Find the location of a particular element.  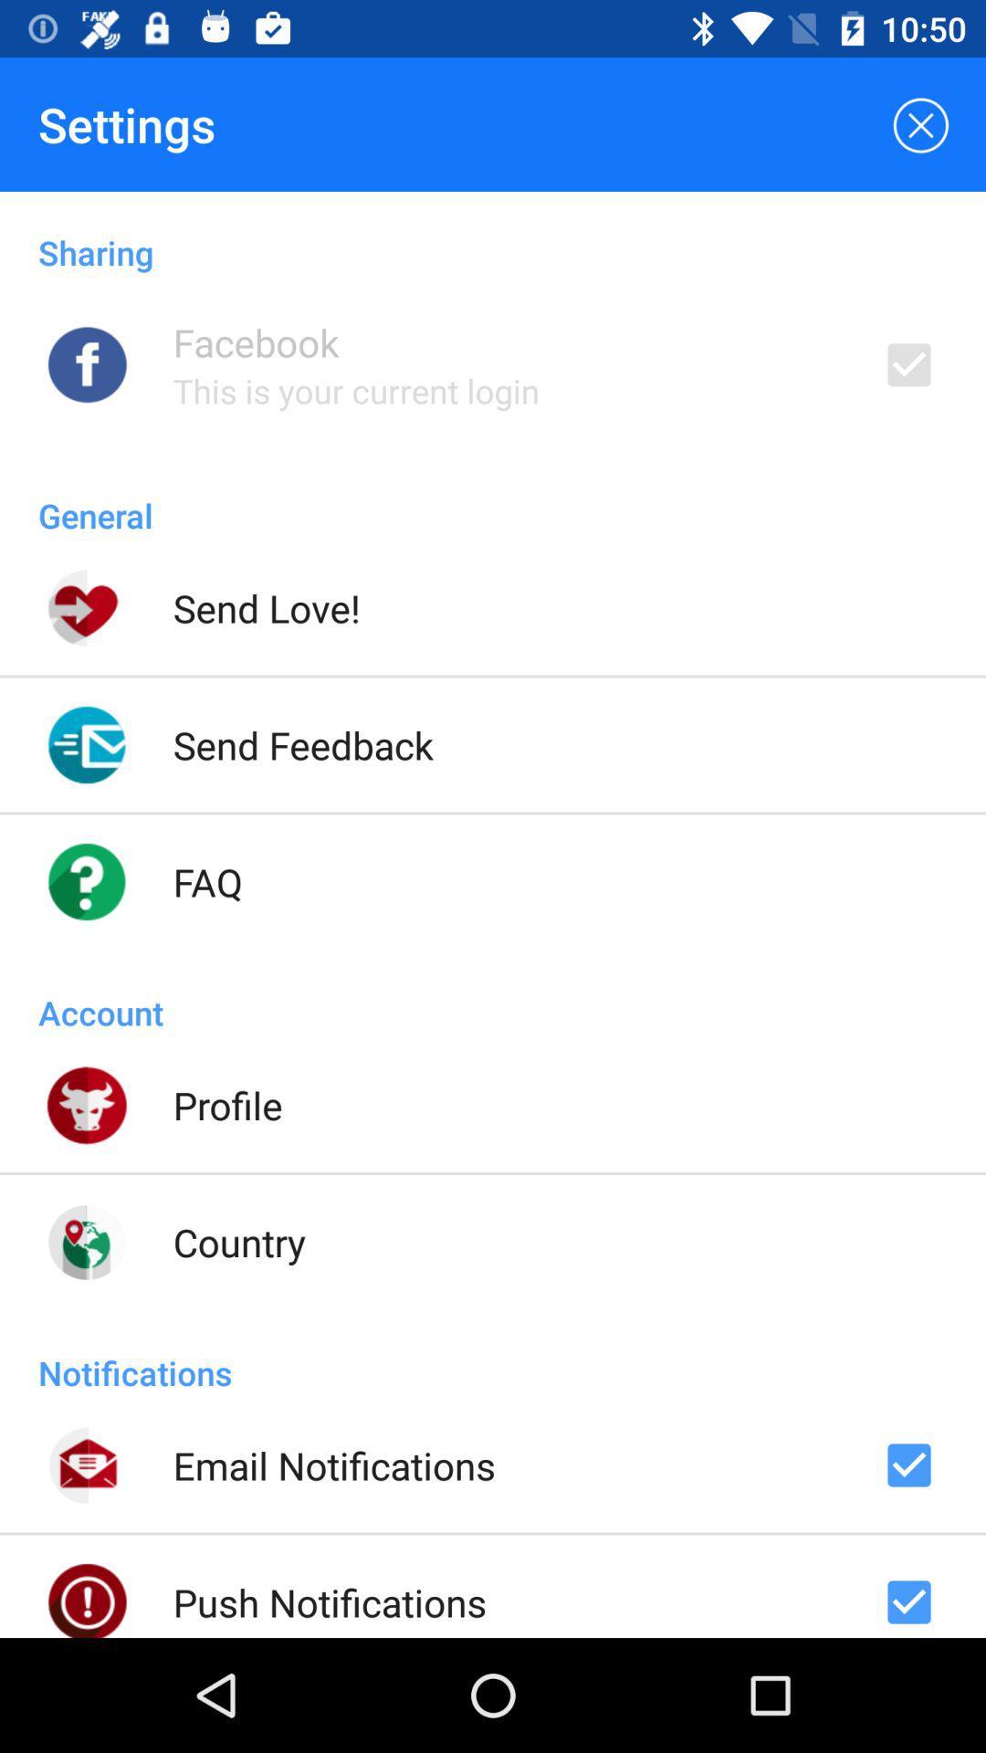

send feedback item is located at coordinates (302, 745).